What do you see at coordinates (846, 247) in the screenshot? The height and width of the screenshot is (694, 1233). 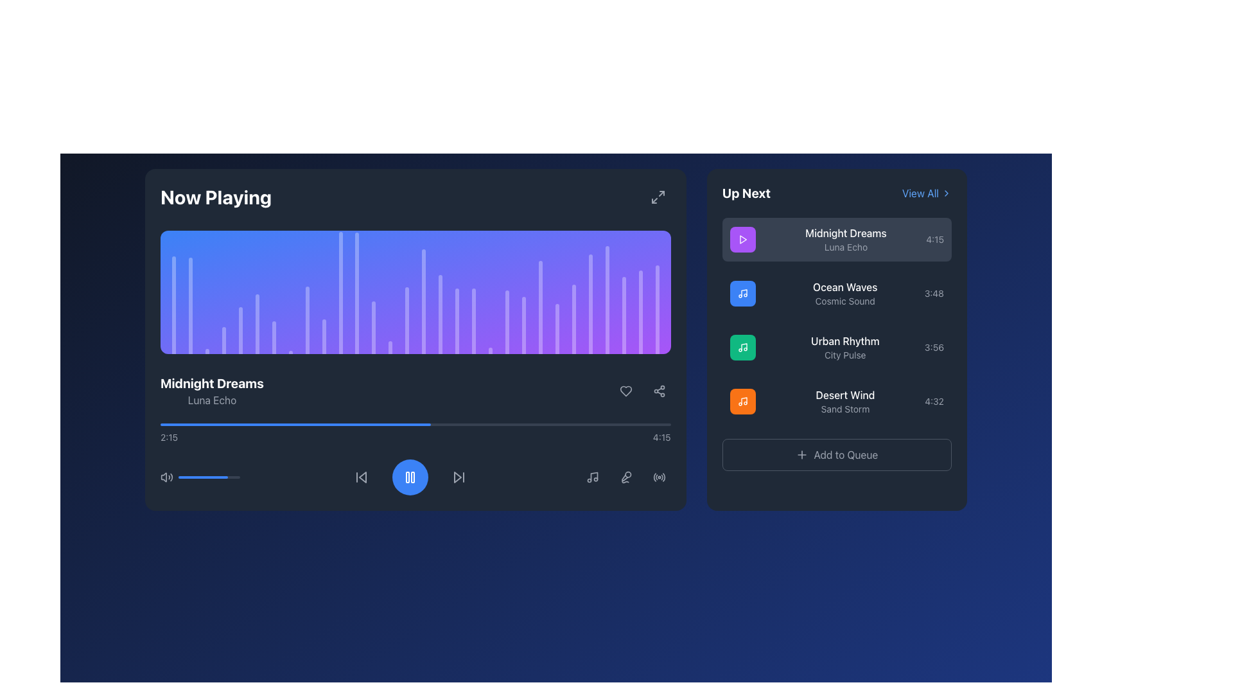 I see `the text label that describes additional information about 'Midnight Dreams', located below its title in the 'Up Next' list` at bounding box center [846, 247].